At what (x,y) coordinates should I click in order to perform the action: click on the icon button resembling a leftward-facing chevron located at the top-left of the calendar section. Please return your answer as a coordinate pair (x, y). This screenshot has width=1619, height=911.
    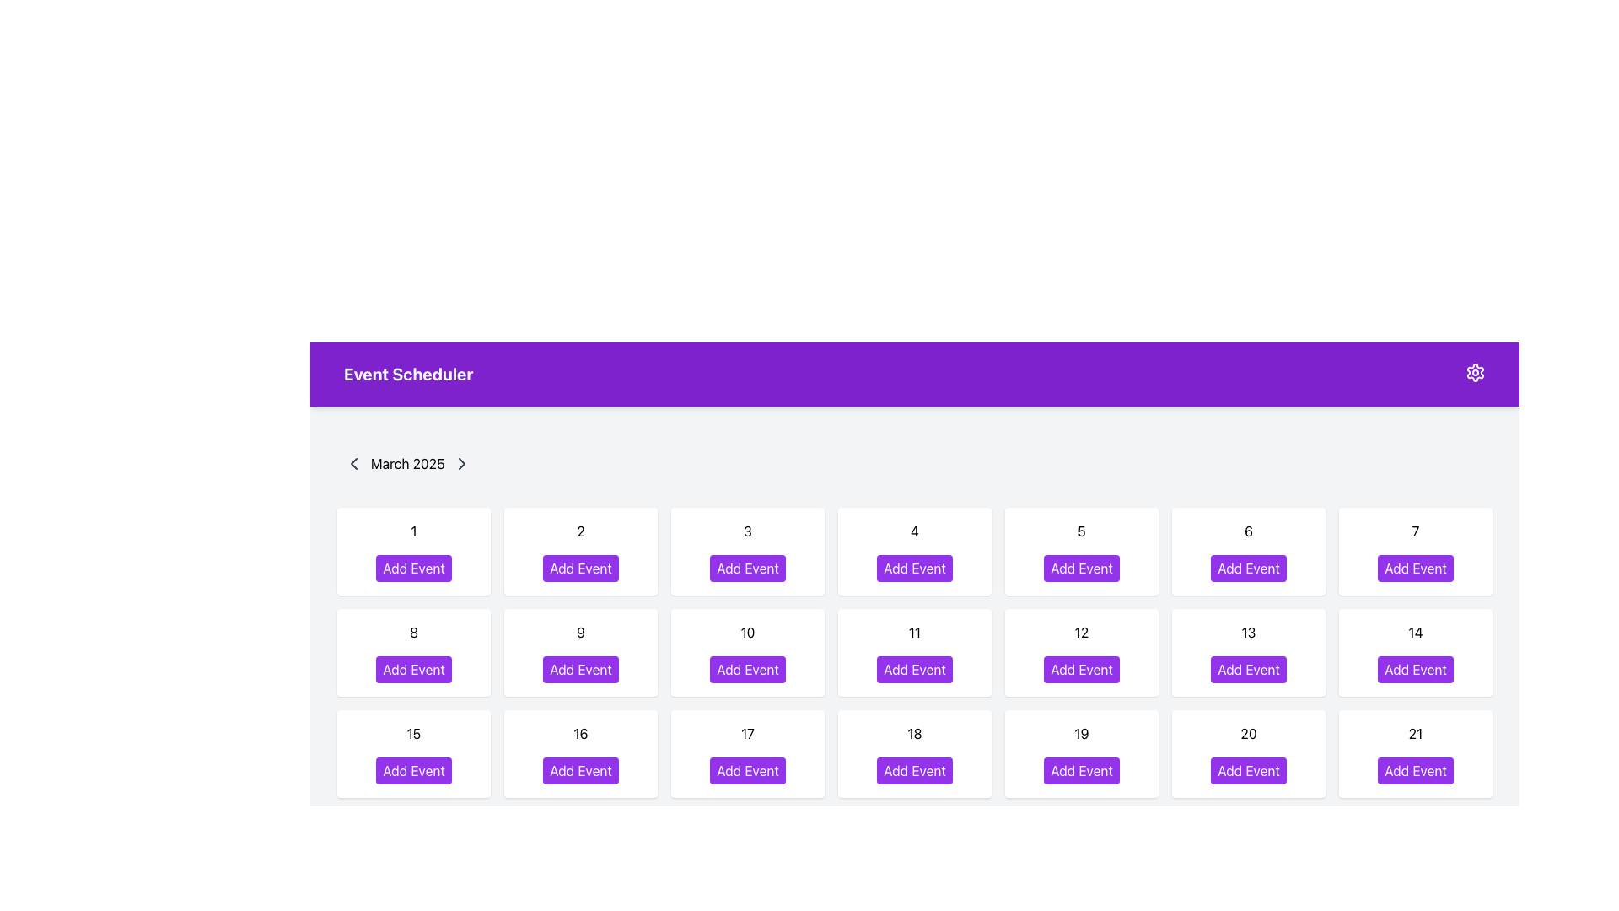
    Looking at the image, I should click on (353, 464).